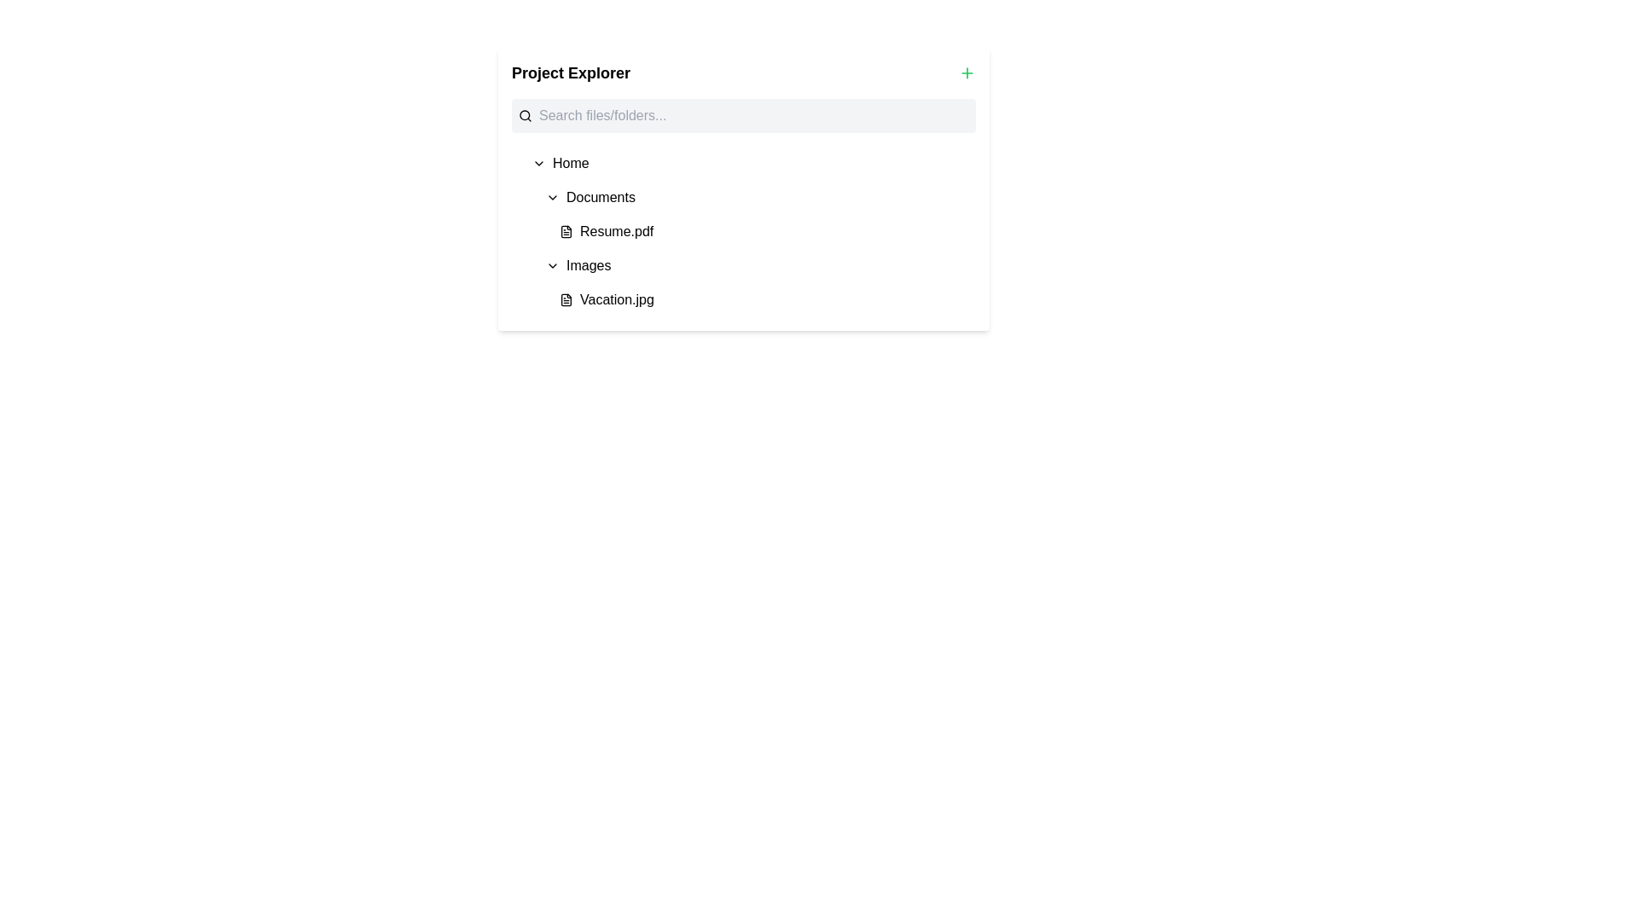 This screenshot has height=921, width=1638. Describe the element at coordinates (616, 232) in the screenshot. I see `the text display showing the file name 'Resume.pdf'` at that location.